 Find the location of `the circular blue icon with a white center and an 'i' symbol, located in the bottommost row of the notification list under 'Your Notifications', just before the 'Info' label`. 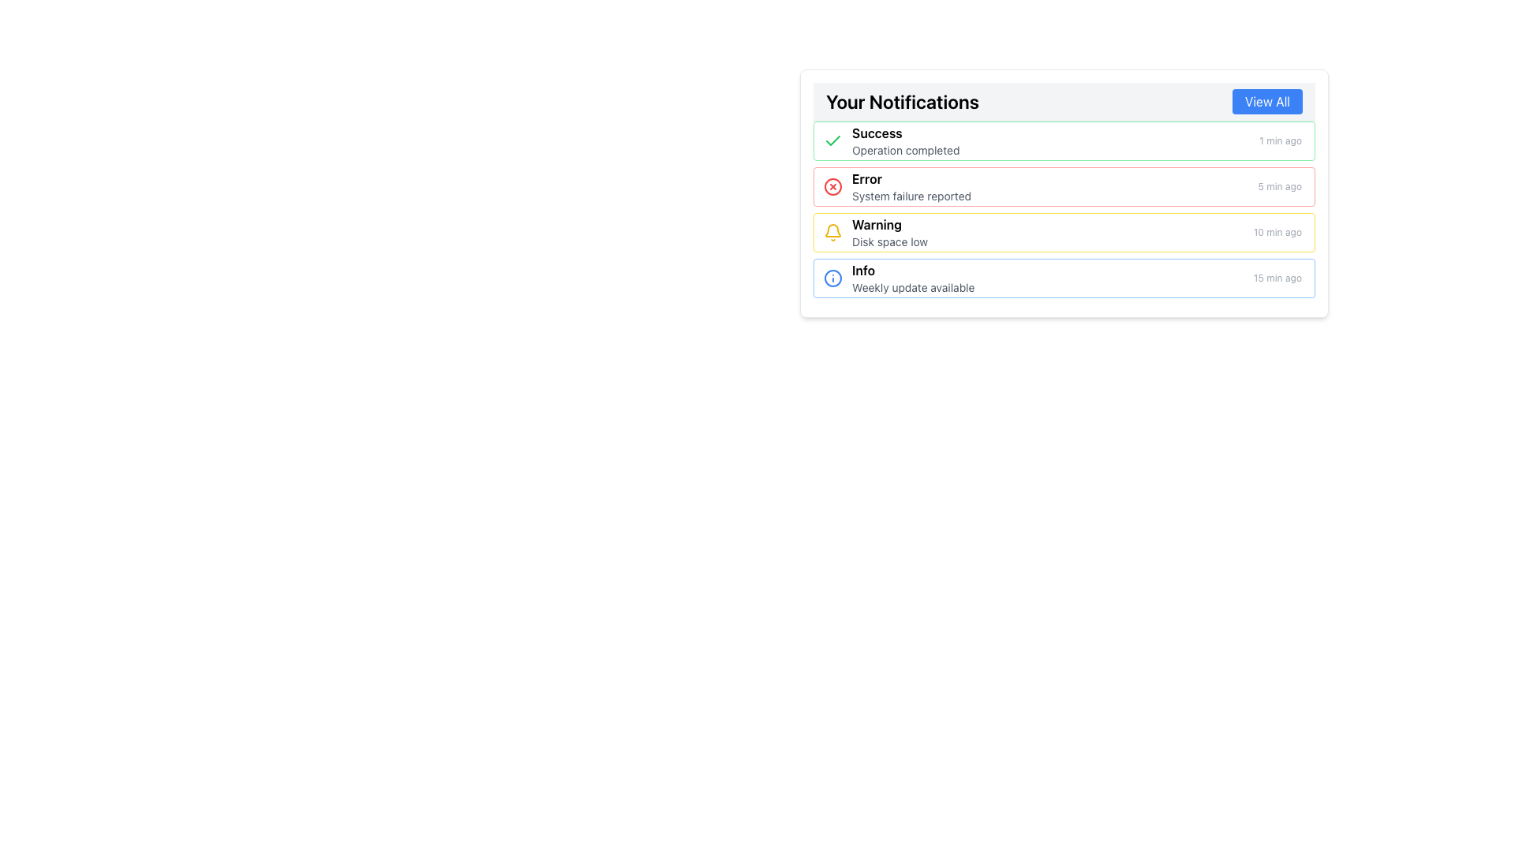

the circular blue icon with a white center and an 'i' symbol, located in the bottommost row of the notification list under 'Your Notifications', just before the 'Info' label is located at coordinates (832, 278).